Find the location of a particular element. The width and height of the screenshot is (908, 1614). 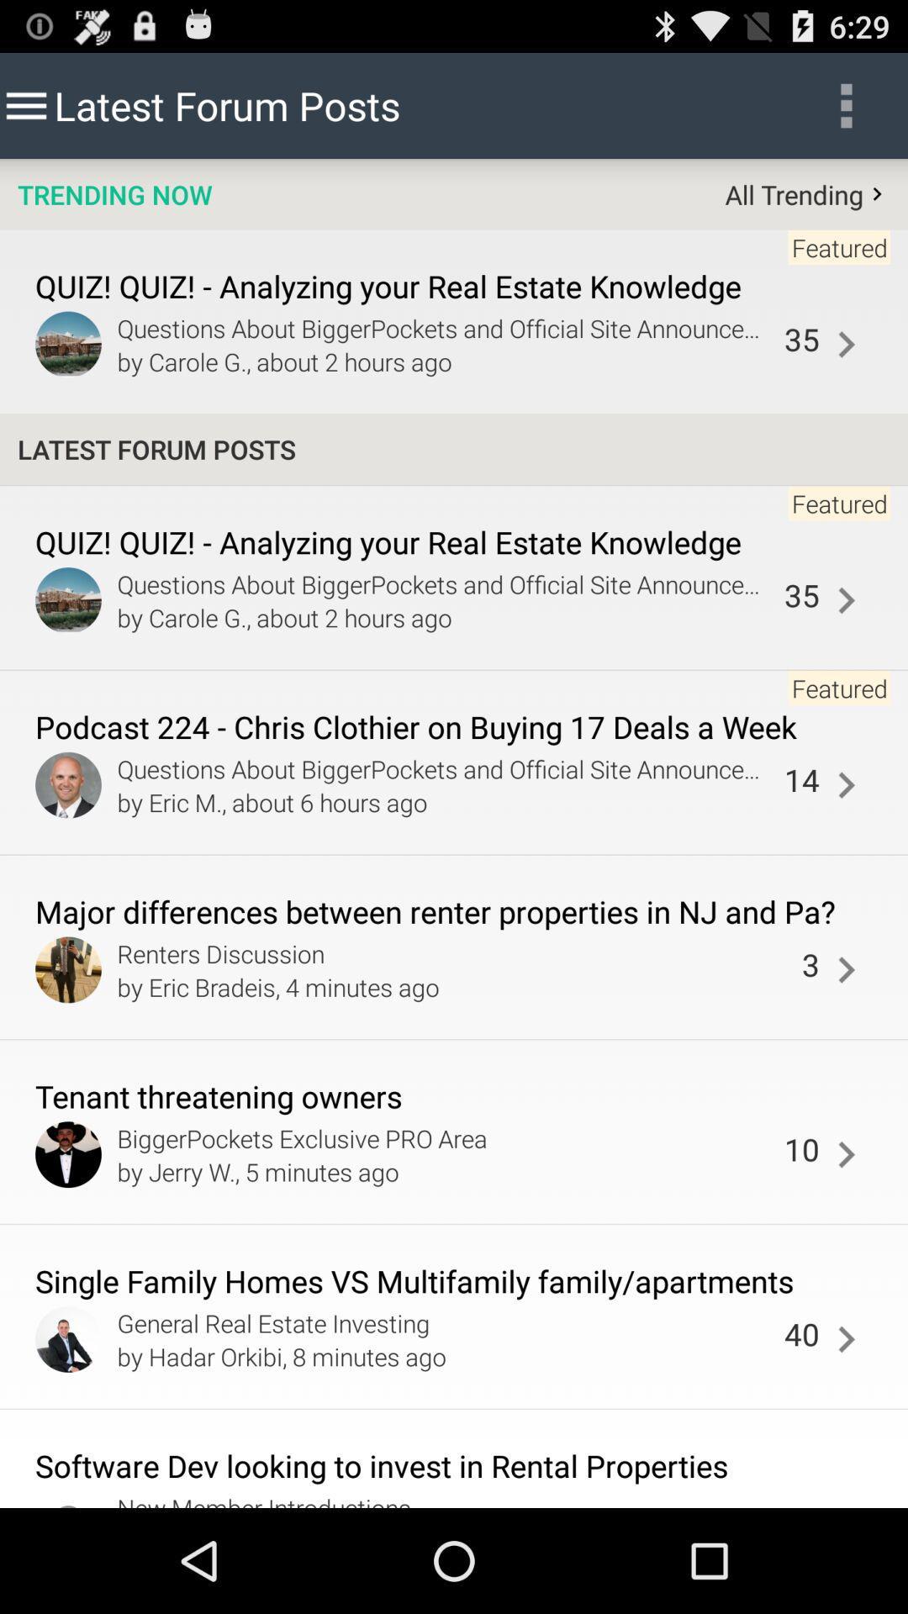

the app next to the 10 app is located at coordinates (846, 1153).